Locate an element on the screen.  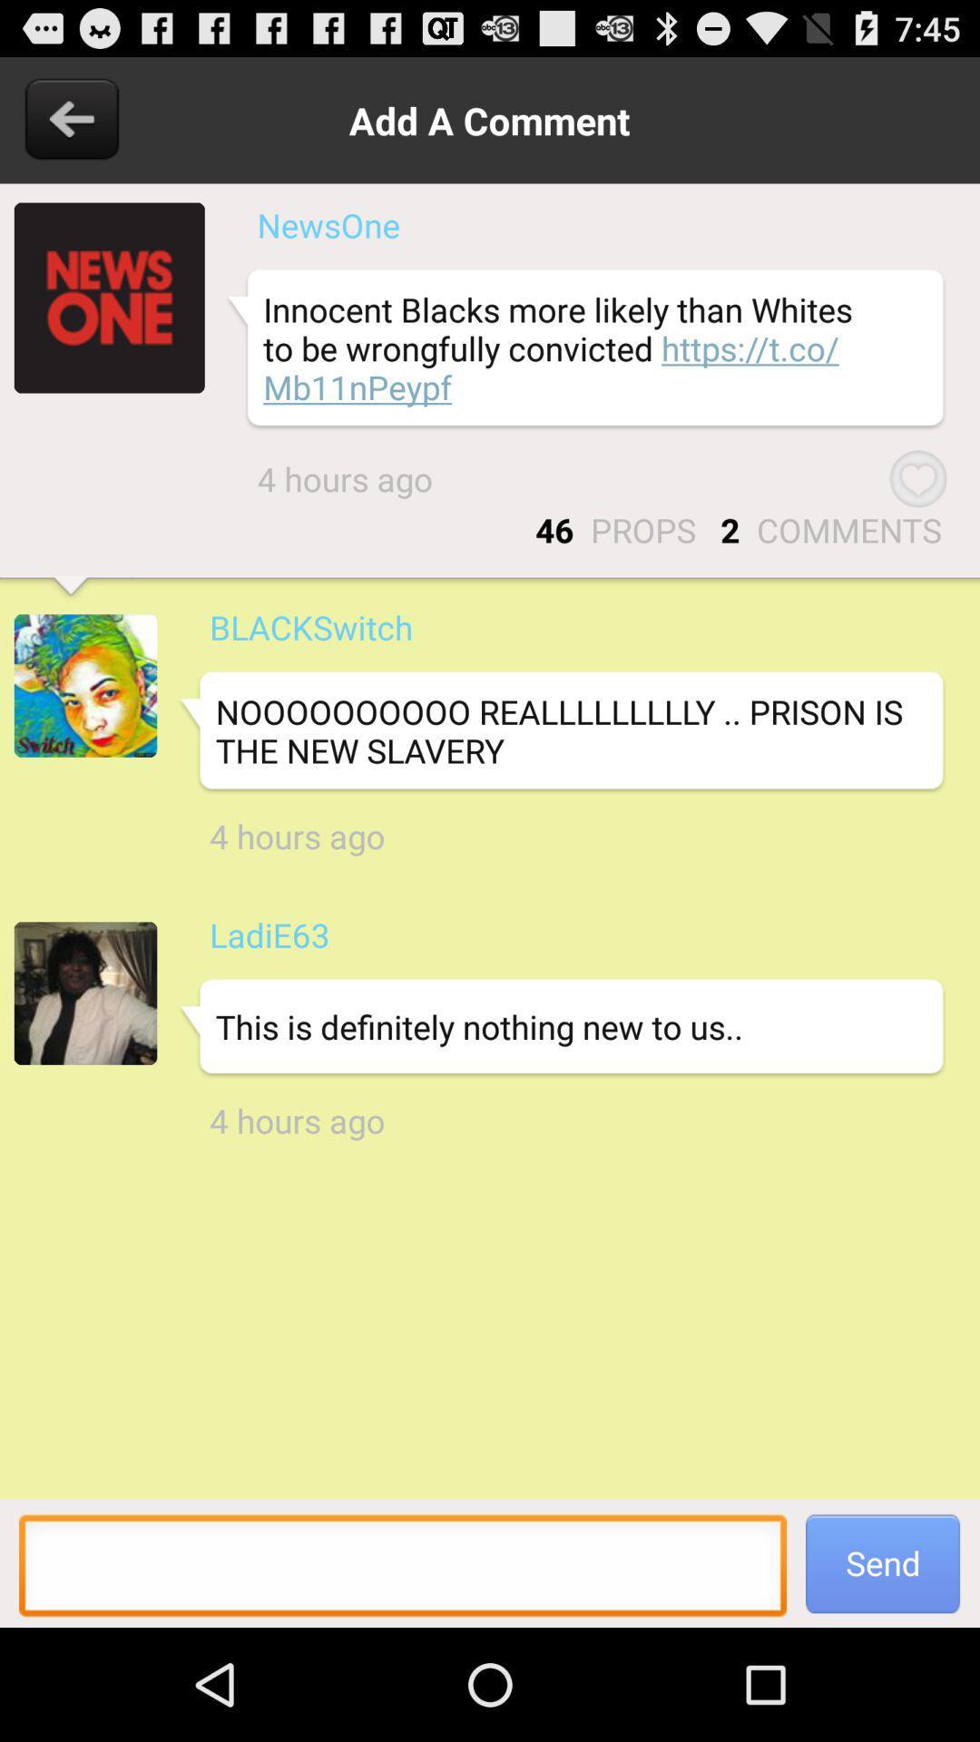
ladie63 app is located at coordinates (269, 935).